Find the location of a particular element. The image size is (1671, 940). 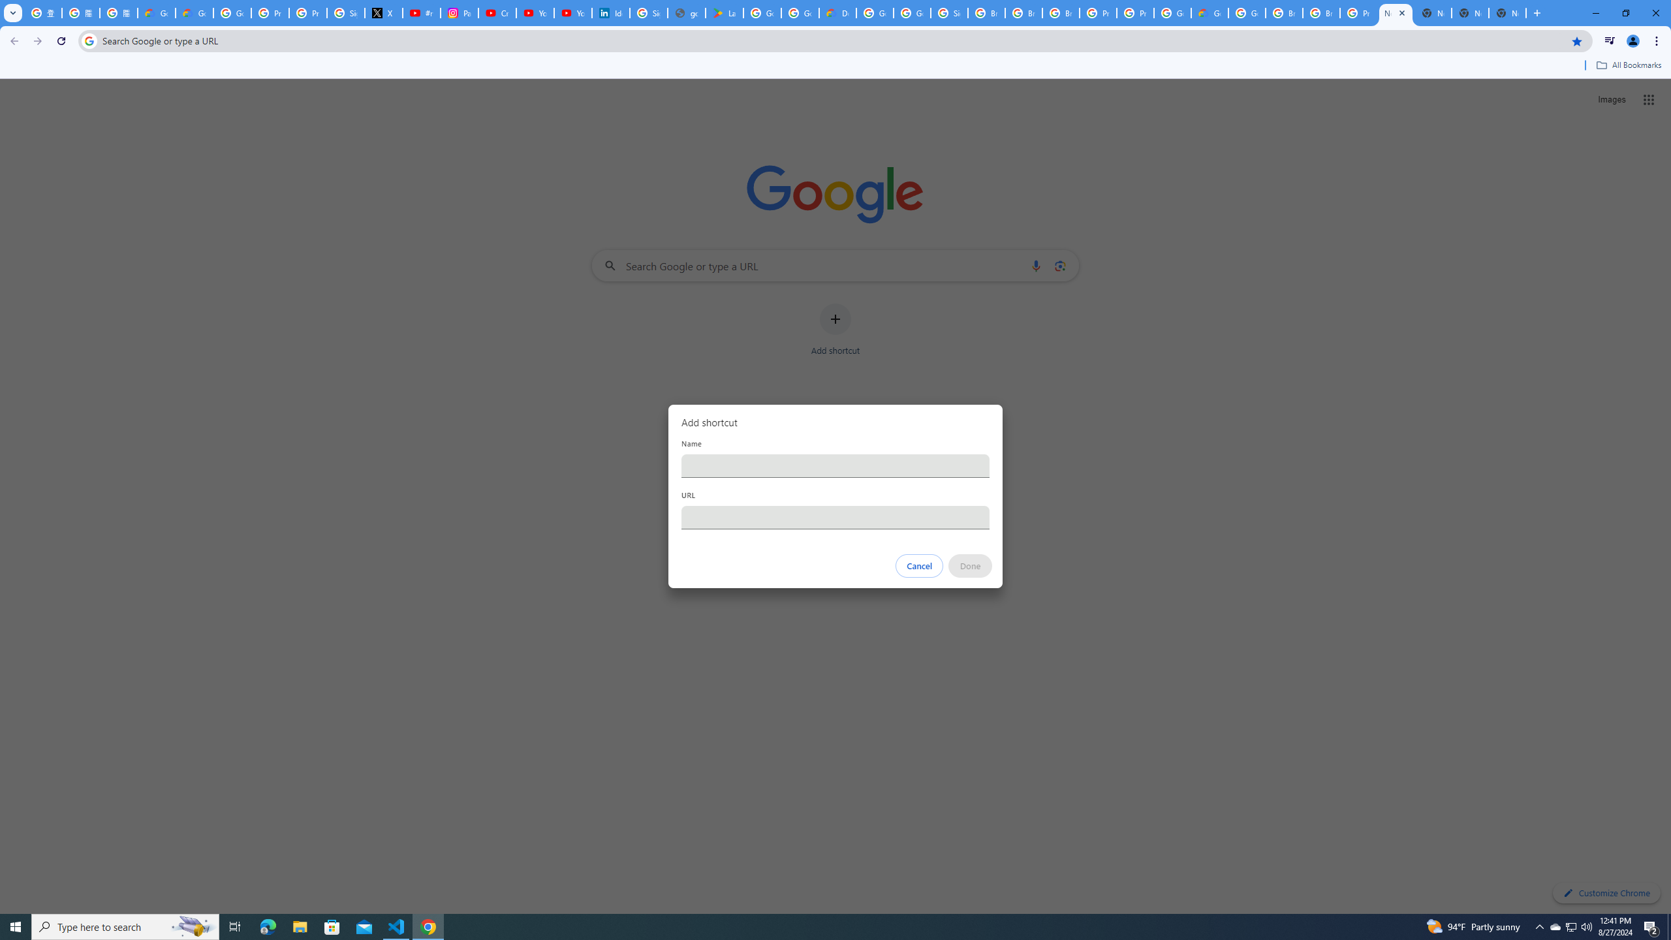

'YouTube Culture & Trends - YouTube Top 10, 2021' is located at coordinates (572, 12).